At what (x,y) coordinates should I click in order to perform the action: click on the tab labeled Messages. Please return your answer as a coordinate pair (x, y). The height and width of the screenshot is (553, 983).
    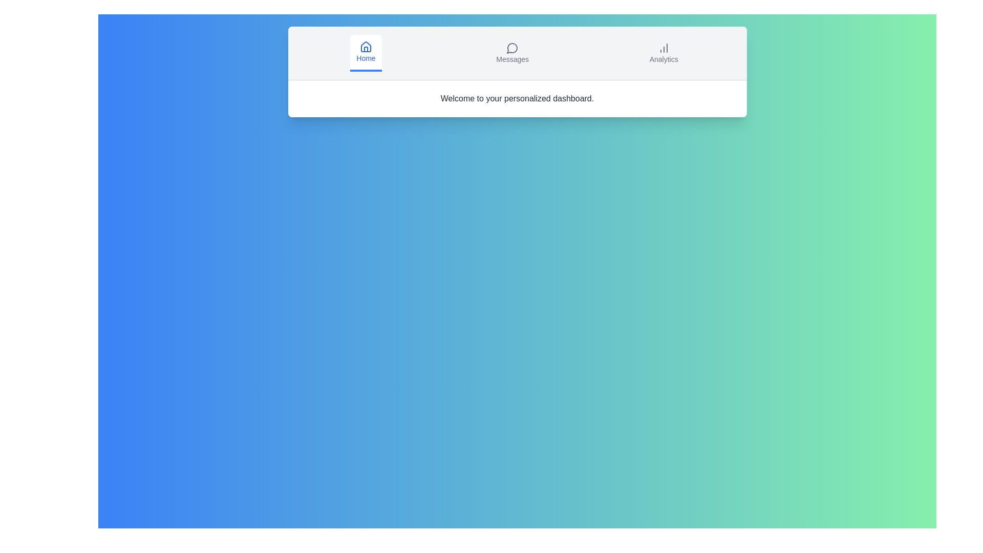
    Looking at the image, I should click on (512, 53).